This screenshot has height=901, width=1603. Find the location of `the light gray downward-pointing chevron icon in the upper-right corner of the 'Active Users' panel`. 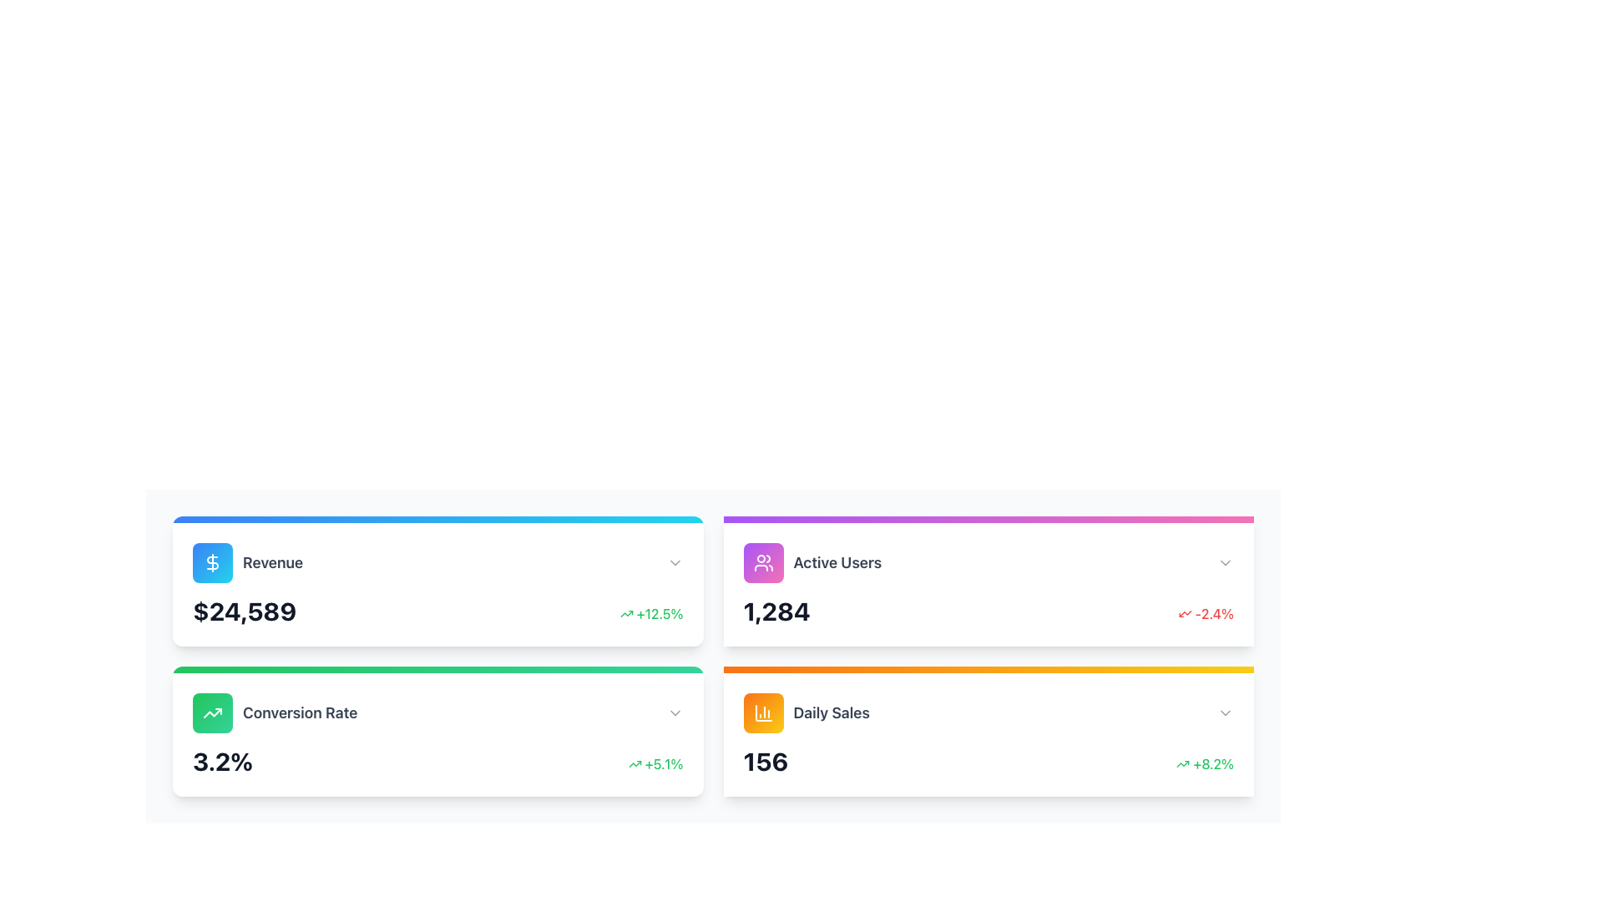

the light gray downward-pointing chevron icon in the upper-right corner of the 'Active Users' panel is located at coordinates (1226, 563).